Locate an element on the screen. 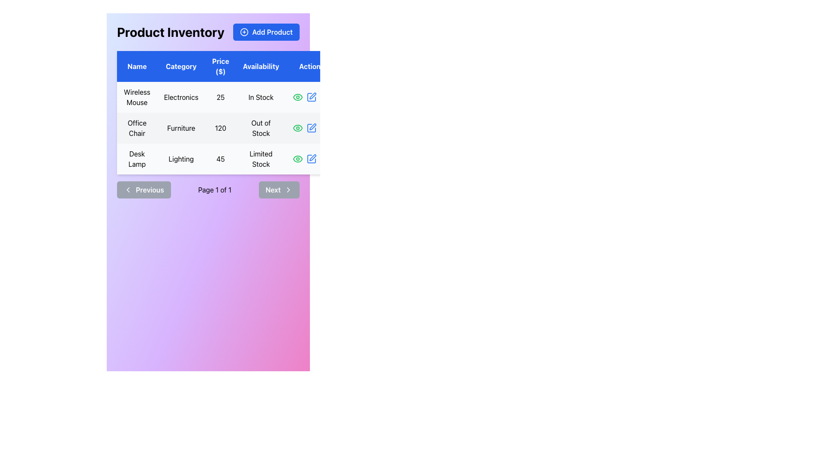 This screenshot has width=823, height=463. the edit button with an icon located in the 'Actions' column of the first row of the table is located at coordinates (311, 97).